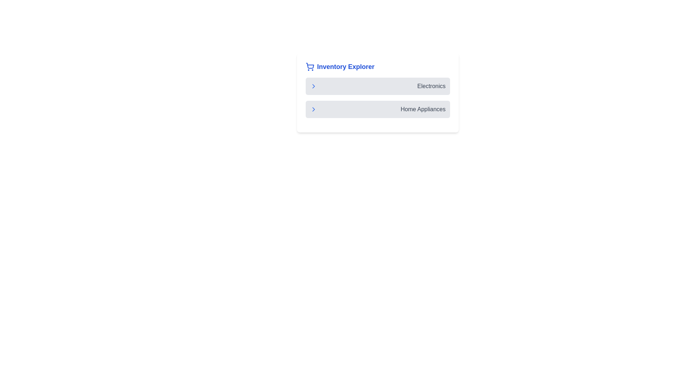  I want to click on the shopping cart icon located to the left of the 'Inventory Explorer' text in the header, so click(310, 67).